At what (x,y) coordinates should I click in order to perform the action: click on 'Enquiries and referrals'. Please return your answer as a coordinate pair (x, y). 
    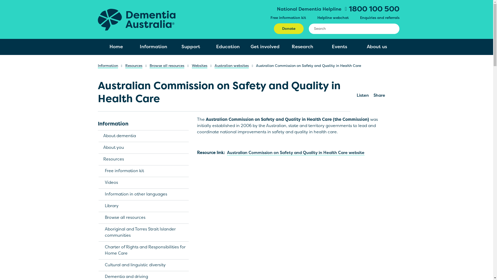
    Looking at the image, I should click on (379, 18).